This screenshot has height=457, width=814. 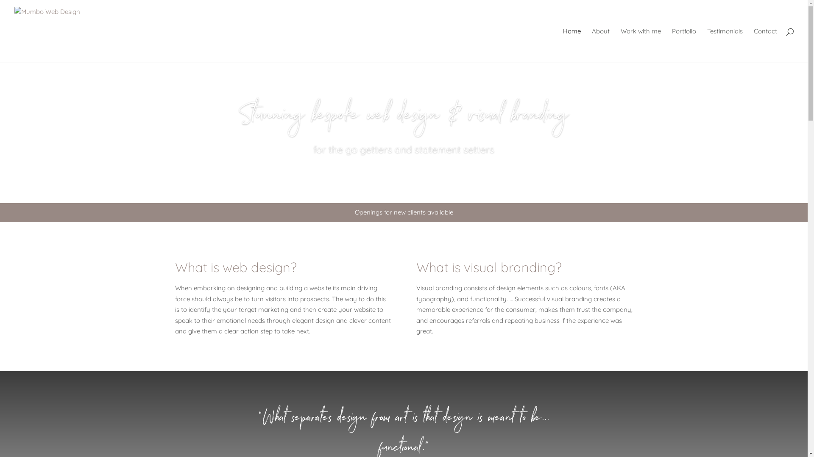 I want to click on 'Testimonials', so click(x=724, y=45).